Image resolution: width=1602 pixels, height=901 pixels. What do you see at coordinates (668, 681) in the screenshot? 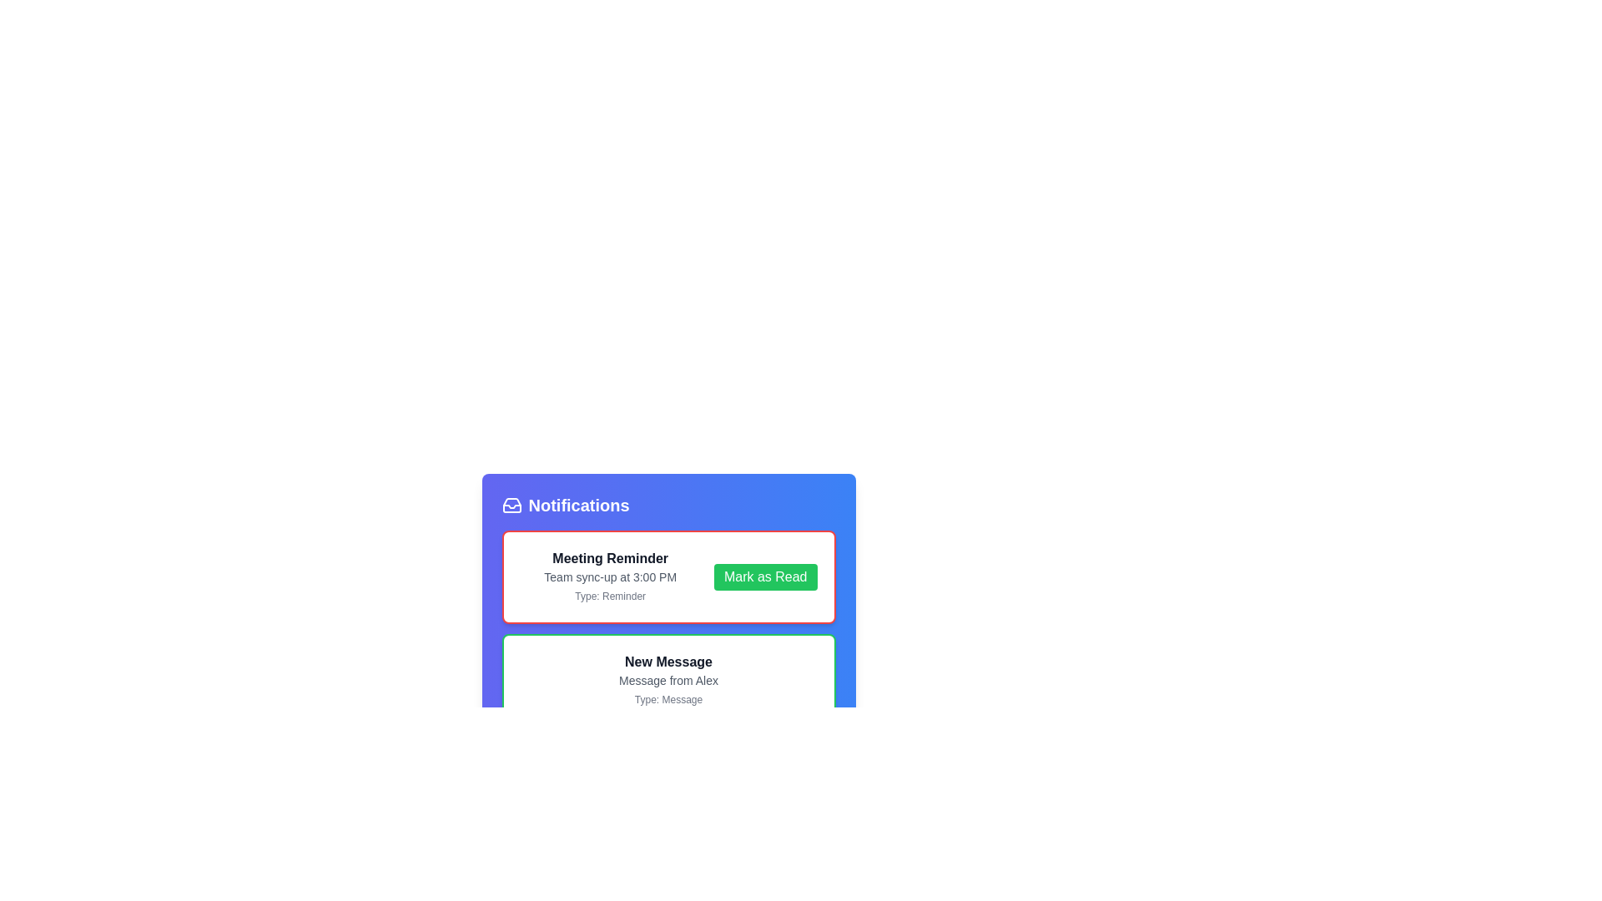
I see `the text label that identifies the sender of the message within the 'New Message' notification card` at bounding box center [668, 681].